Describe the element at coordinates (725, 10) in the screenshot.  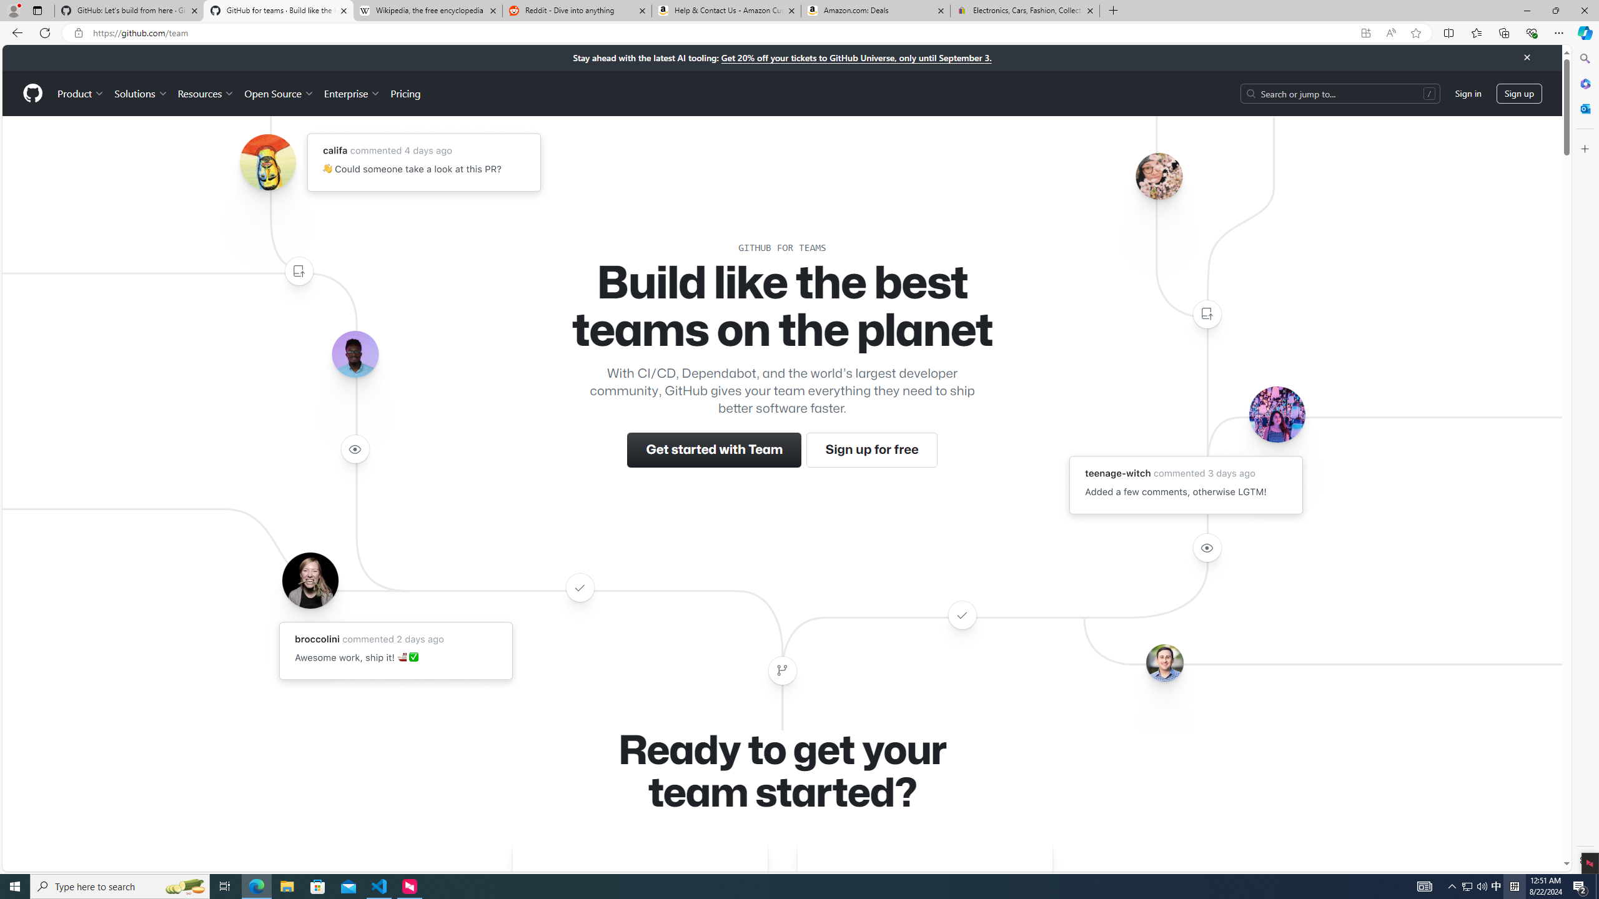
I see `'Help & Contact Us - Amazon Customer Service'` at that location.